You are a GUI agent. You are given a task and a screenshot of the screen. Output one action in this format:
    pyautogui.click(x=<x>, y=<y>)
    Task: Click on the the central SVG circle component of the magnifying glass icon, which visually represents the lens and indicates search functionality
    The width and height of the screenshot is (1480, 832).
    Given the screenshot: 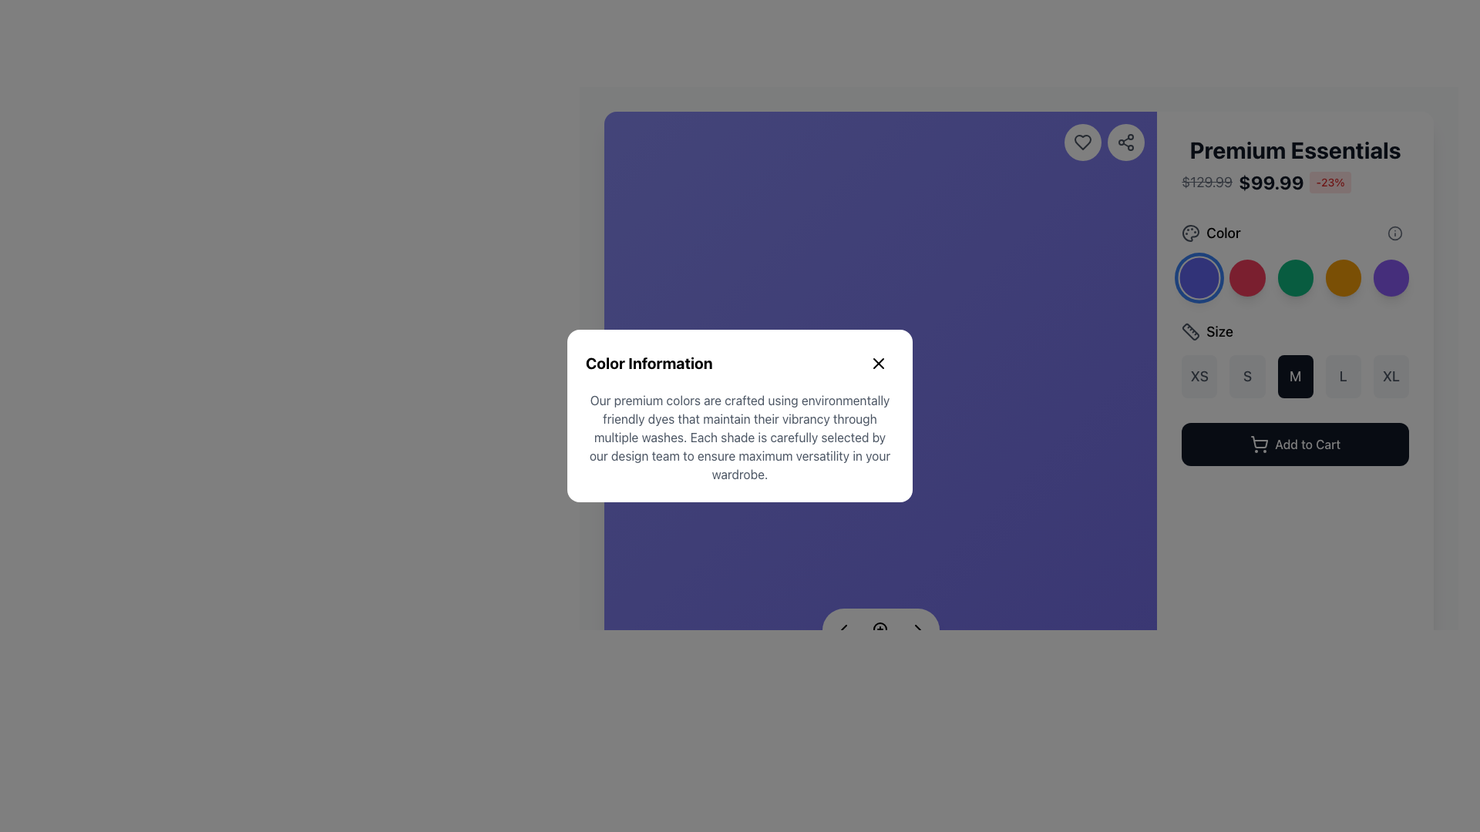 What is the action you would take?
    pyautogui.click(x=880, y=629)
    